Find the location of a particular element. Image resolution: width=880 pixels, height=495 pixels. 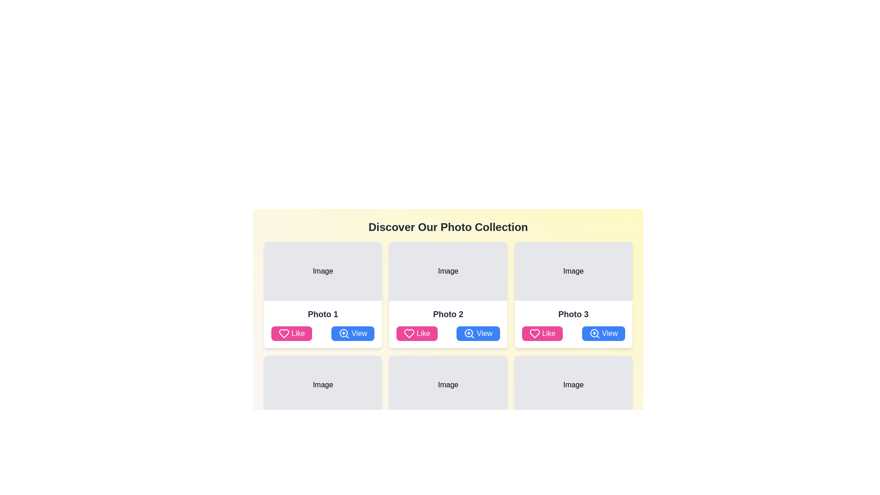

the SVG circle element representing the zoom-in feature of the 'View' button under 'Photo 1' in the 'Photo Collection' row is located at coordinates (343, 333).